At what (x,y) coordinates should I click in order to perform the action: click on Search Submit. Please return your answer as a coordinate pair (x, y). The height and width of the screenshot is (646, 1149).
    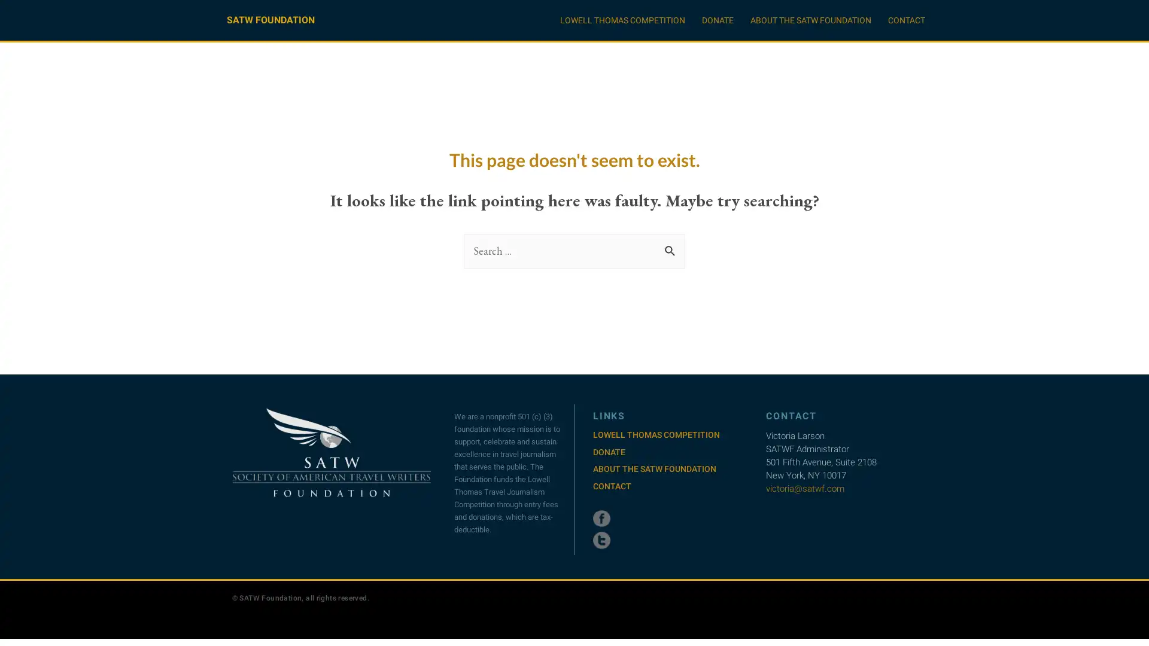
    Looking at the image, I should click on (669, 250).